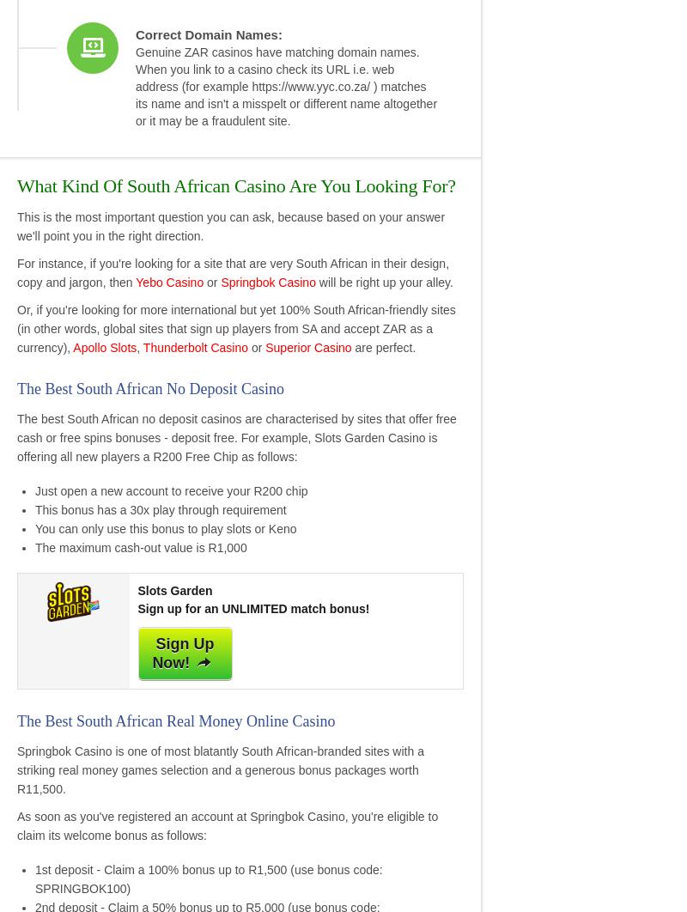 The height and width of the screenshot is (912, 687). What do you see at coordinates (382, 345) in the screenshot?
I see `'are perfect.'` at bounding box center [382, 345].